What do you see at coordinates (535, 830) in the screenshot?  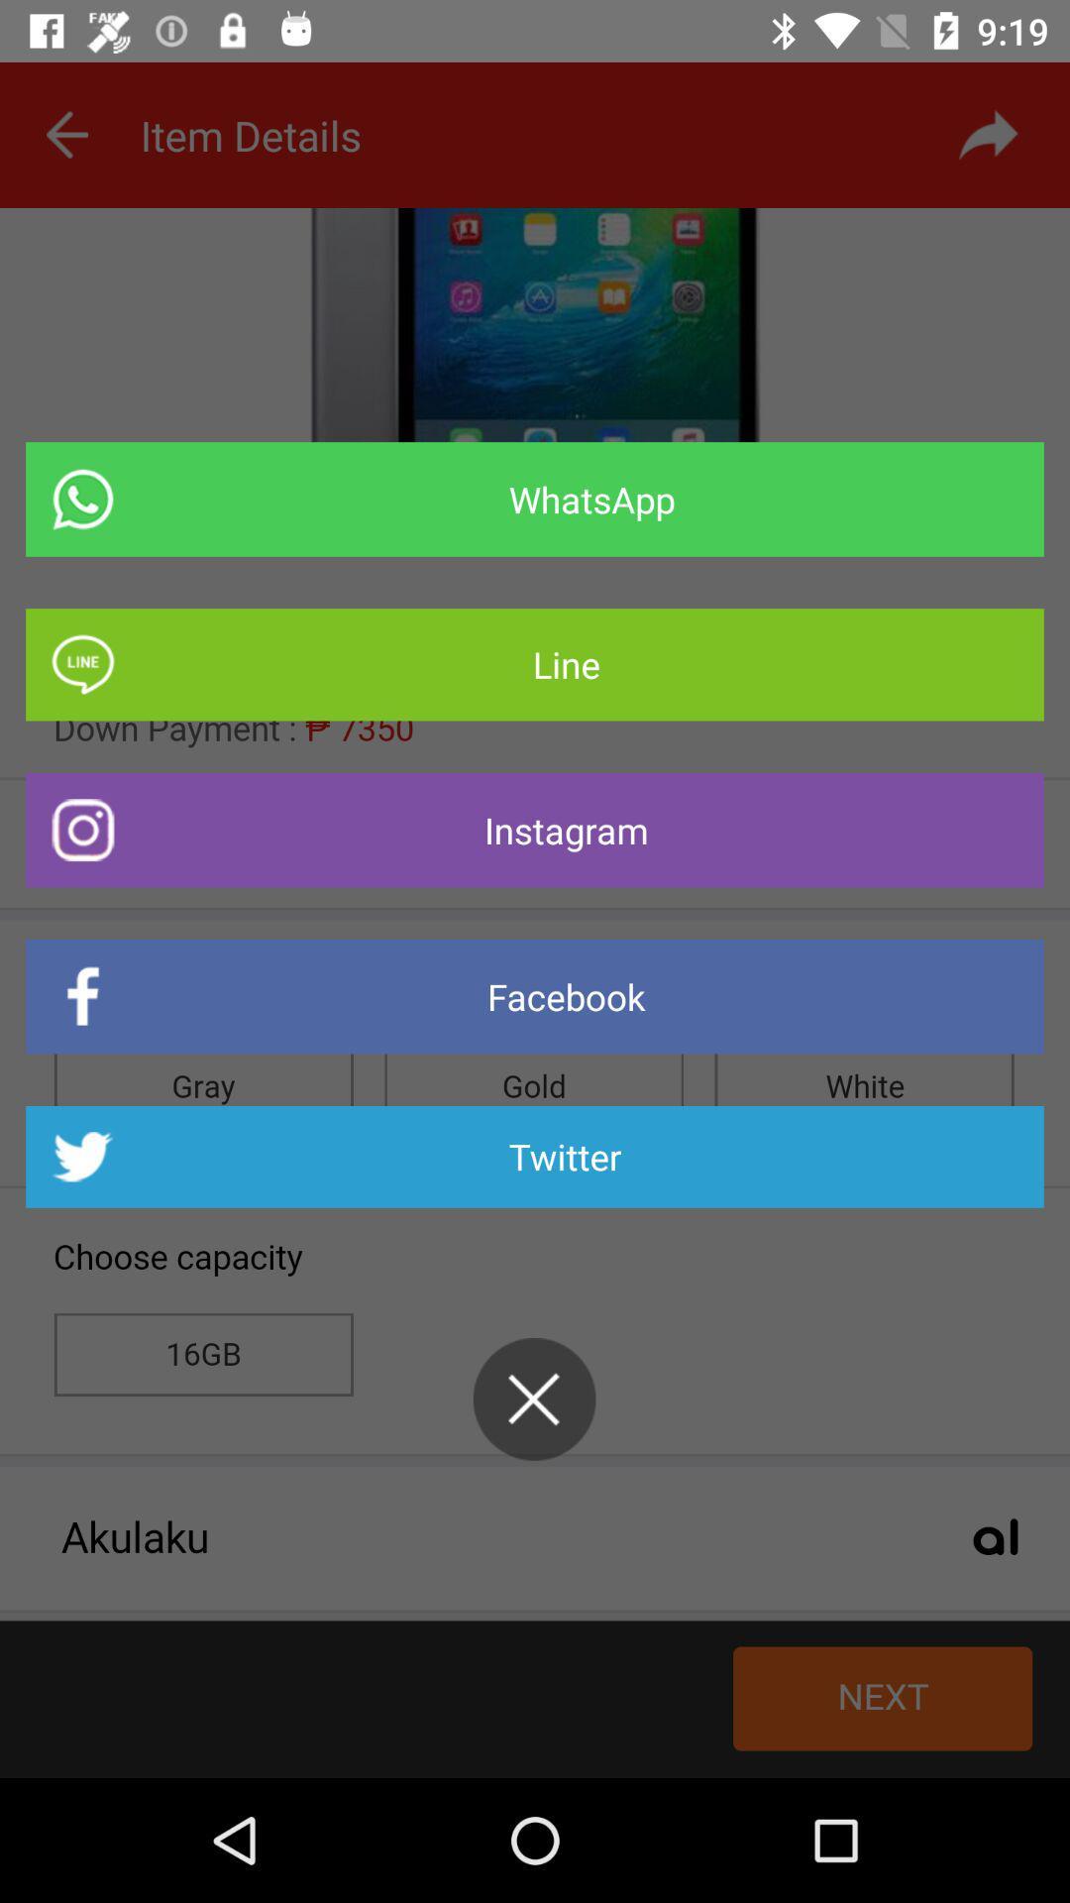 I see `the item above the facebook item` at bounding box center [535, 830].